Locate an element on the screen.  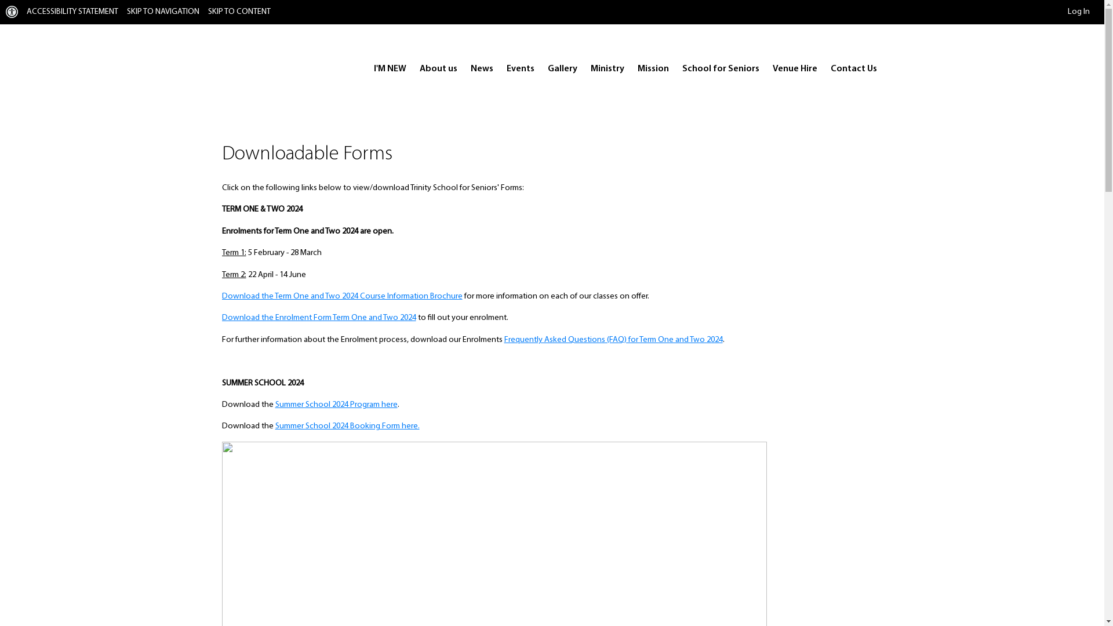
'Summer School 2024 Program here' is located at coordinates (335, 404).